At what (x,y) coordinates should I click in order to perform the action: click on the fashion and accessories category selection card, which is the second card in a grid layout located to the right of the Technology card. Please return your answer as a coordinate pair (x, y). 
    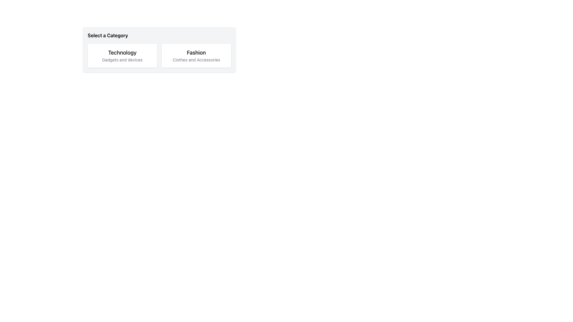
    Looking at the image, I should click on (196, 55).